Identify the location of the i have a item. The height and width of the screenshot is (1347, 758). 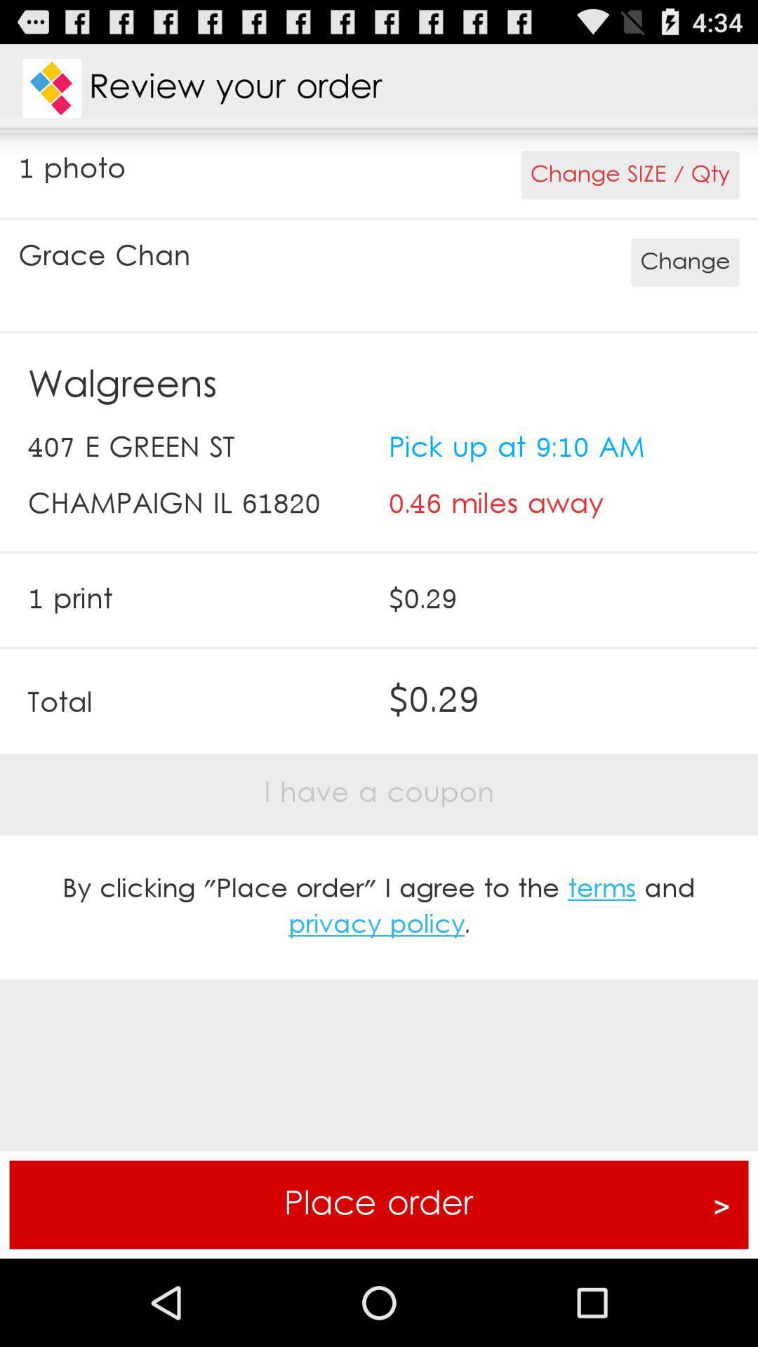
(379, 793).